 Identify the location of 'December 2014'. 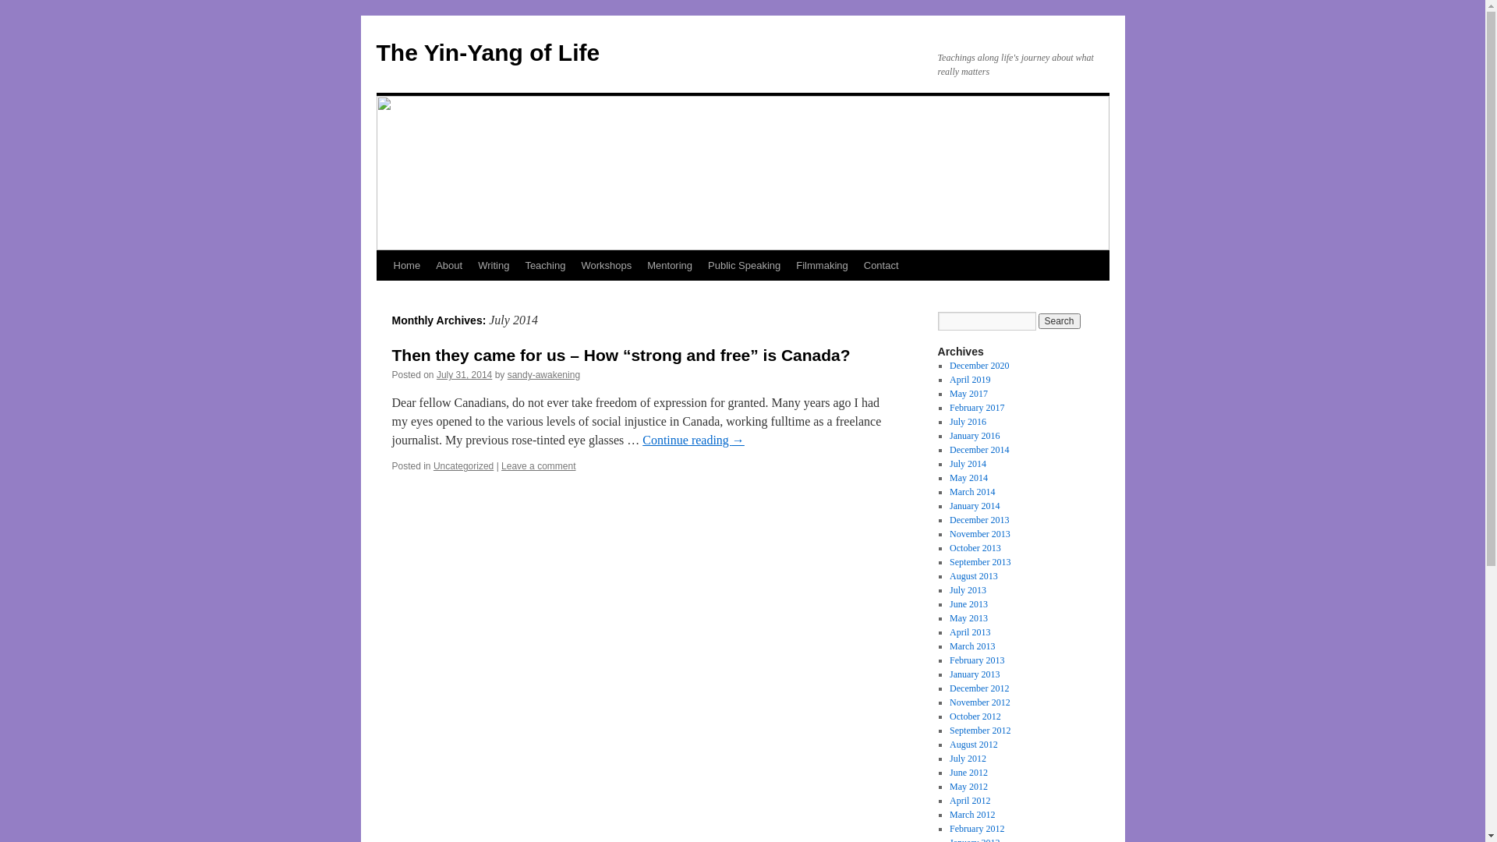
(979, 450).